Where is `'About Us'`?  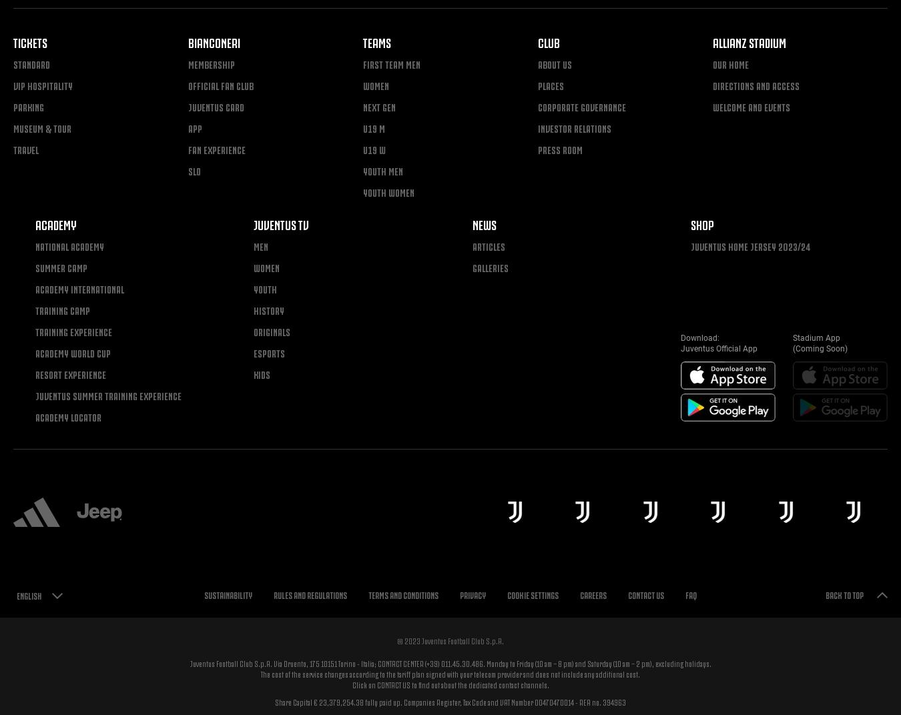 'About Us' is located at coordinates (555, 63).